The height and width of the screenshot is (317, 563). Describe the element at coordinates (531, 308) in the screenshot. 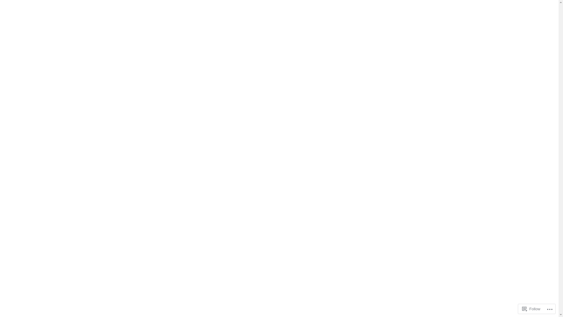

I see `'Follow'` at that location.